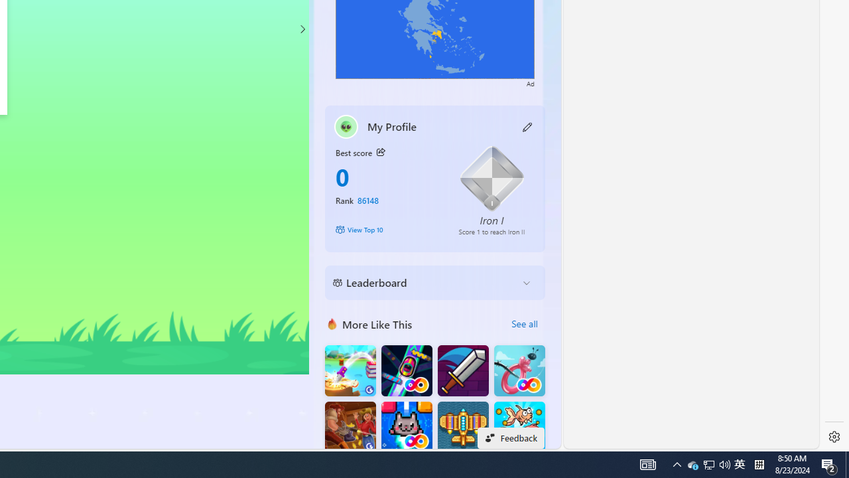 The height and width of the screenshot is (478, 849). Describe the element at coordinates (350, 427) in the screenshot. I see `'Saloon Robbery'` at that location.